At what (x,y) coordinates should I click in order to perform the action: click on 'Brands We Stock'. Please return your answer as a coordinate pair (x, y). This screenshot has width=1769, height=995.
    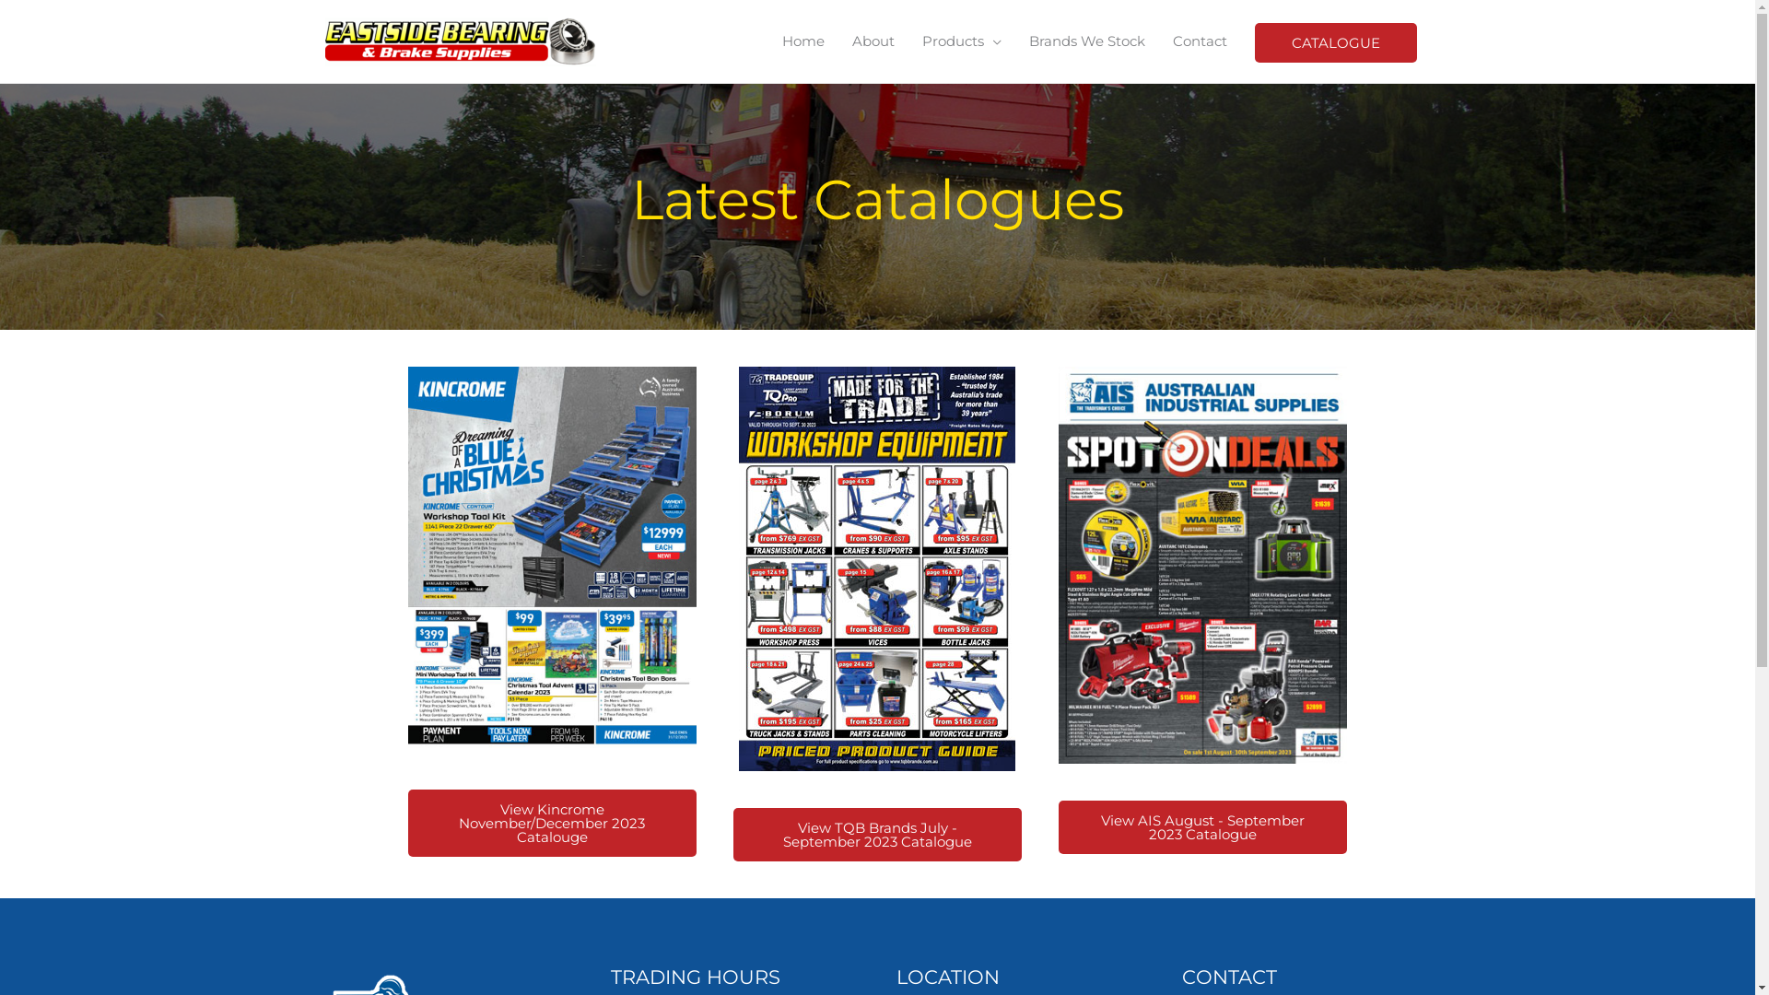
    Looking at the image, I should click on (1087, 41).